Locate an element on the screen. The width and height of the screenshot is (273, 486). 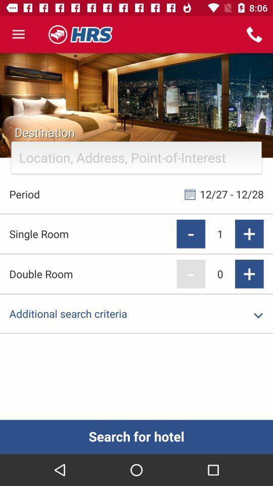
the dropdown is located at coordinates (258, 315).